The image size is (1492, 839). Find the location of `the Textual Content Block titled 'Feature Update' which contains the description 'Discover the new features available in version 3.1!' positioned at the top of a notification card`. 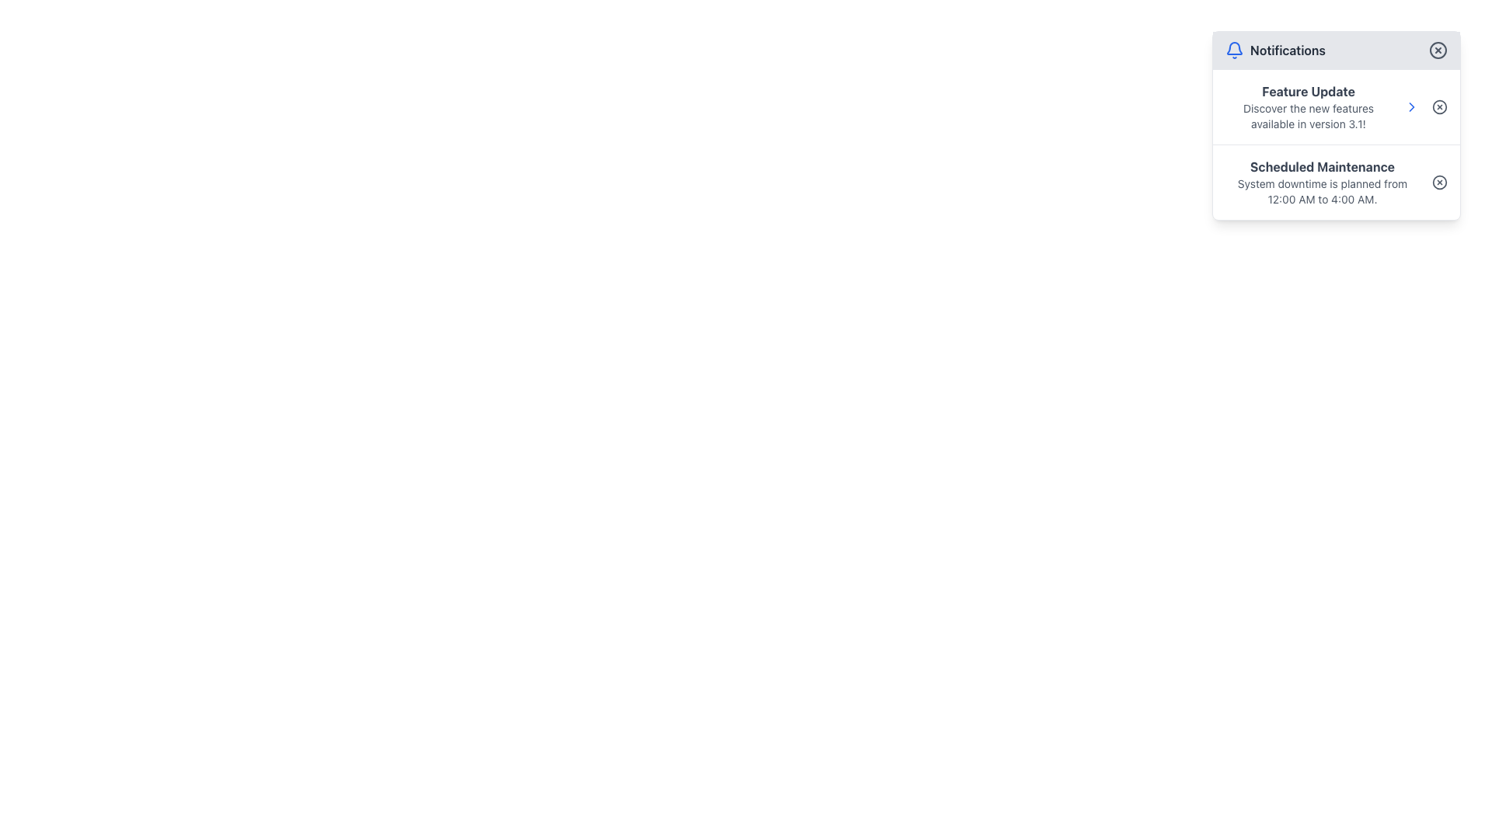

the Textual Content Block titled 'Feature Update' which contains the description 'Discover the new features available in version 3.1!' positioned at the top of a notification card is located at coordinates (1308, 106).